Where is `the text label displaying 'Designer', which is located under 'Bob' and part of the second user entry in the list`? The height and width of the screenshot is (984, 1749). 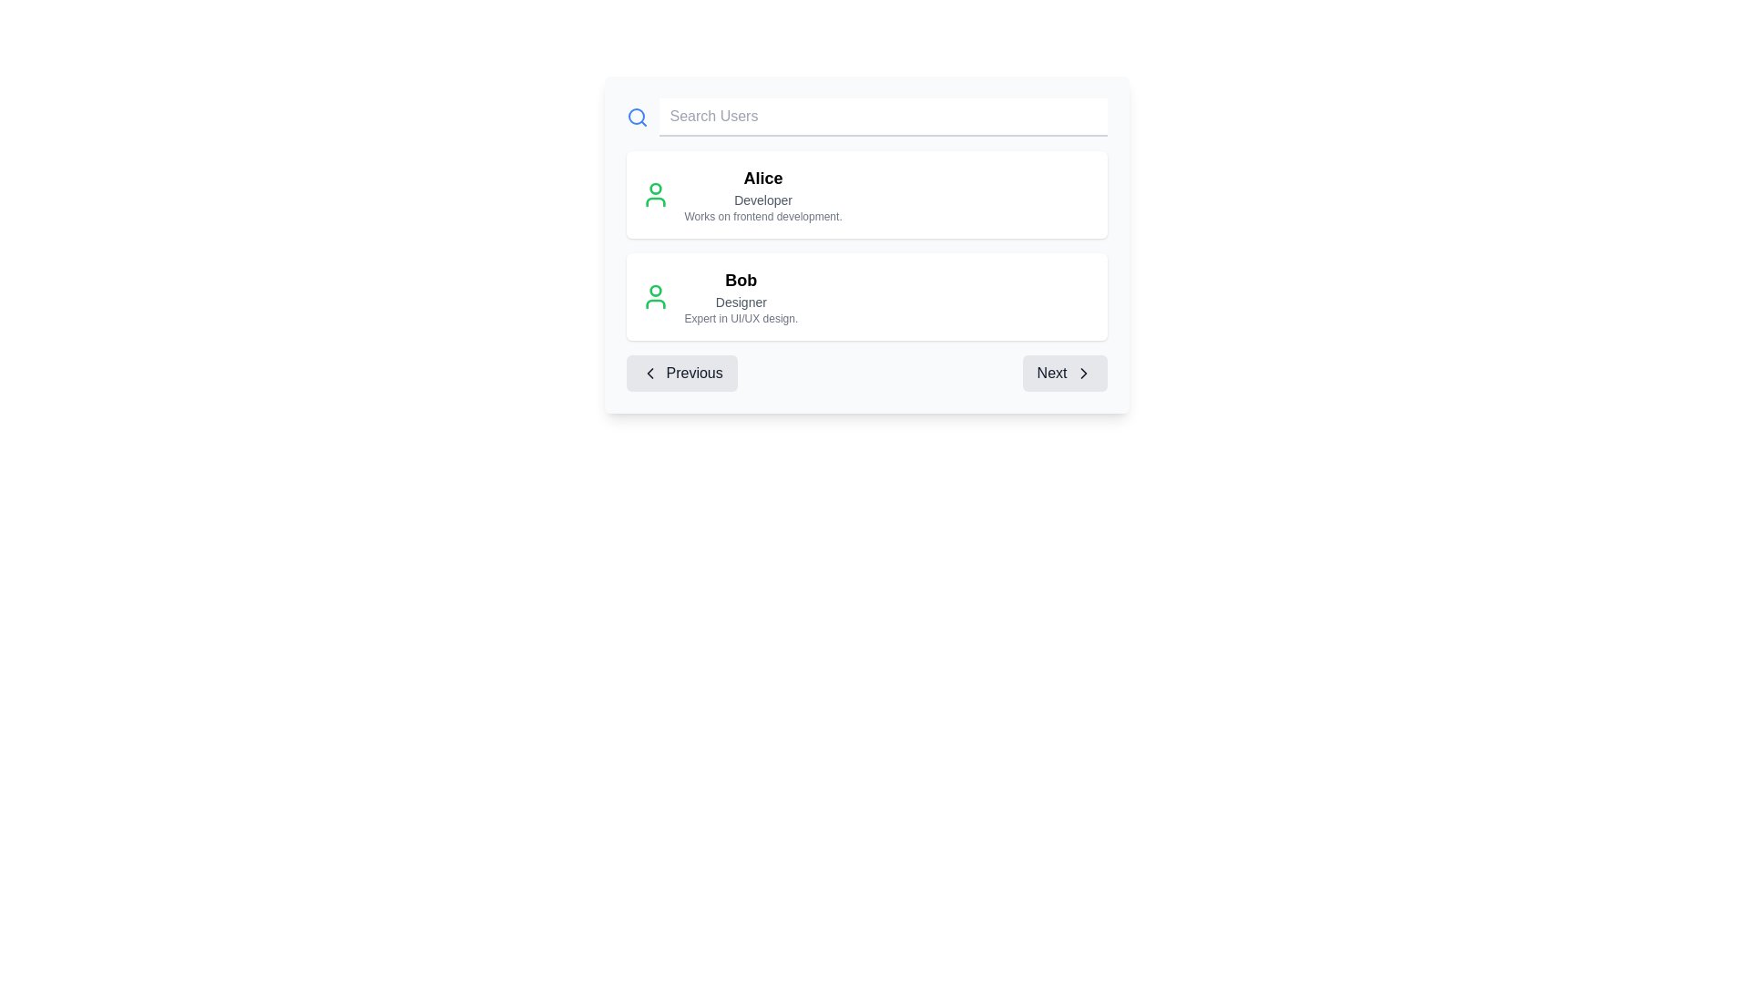
the text label displaying 'Designer', which is located under 'Bob' and part of the second user entry in the list is located at coordinates (741, 301).